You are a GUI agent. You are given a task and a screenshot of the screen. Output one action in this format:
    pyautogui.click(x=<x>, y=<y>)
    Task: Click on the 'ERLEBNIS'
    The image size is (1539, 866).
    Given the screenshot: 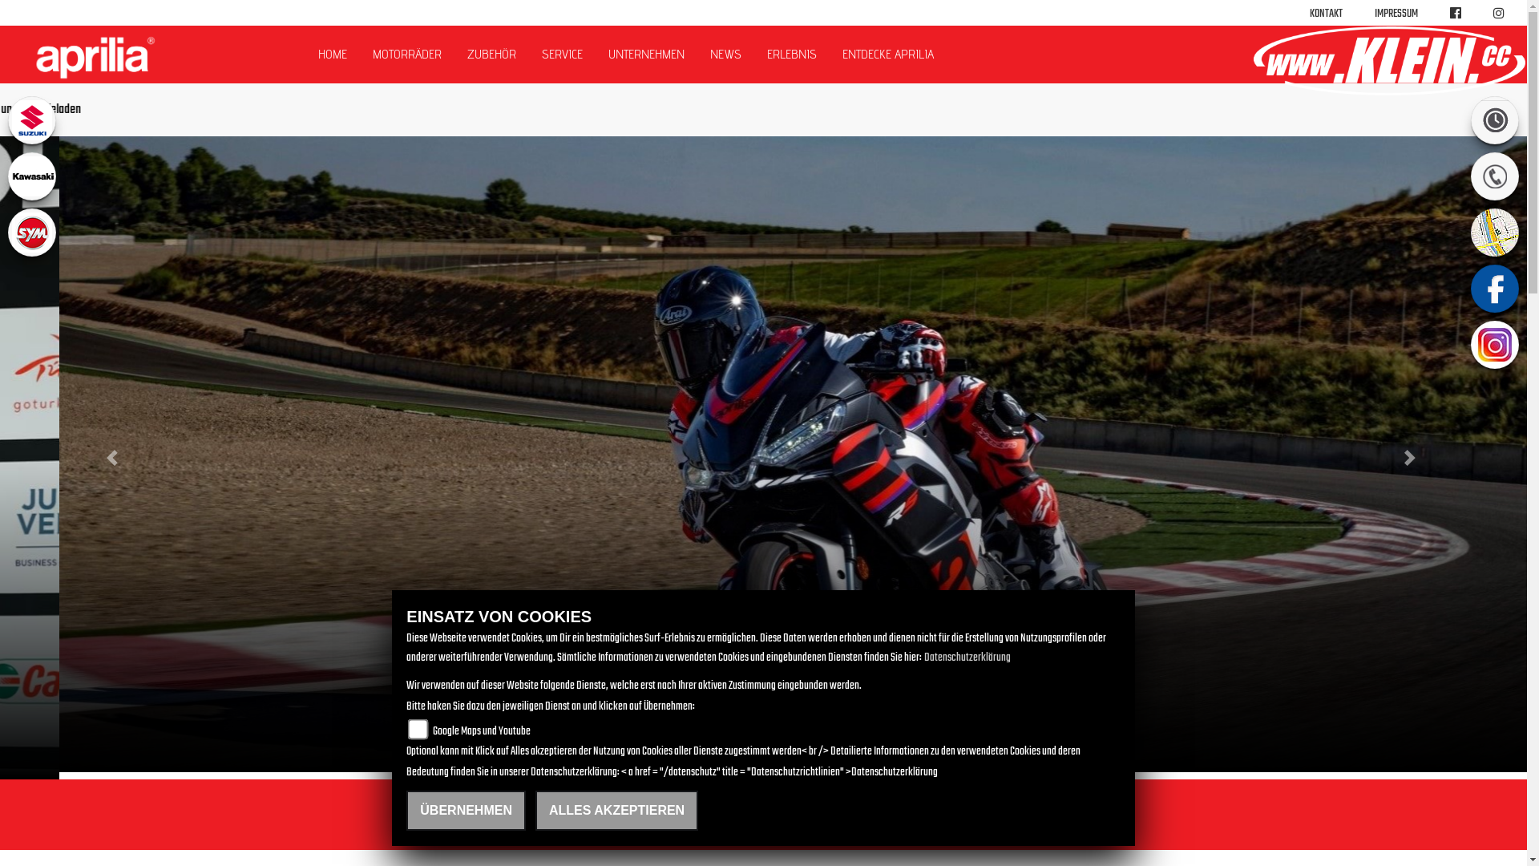 What is the action you would take?
    pyautogui.click(x=792, y=54)
    